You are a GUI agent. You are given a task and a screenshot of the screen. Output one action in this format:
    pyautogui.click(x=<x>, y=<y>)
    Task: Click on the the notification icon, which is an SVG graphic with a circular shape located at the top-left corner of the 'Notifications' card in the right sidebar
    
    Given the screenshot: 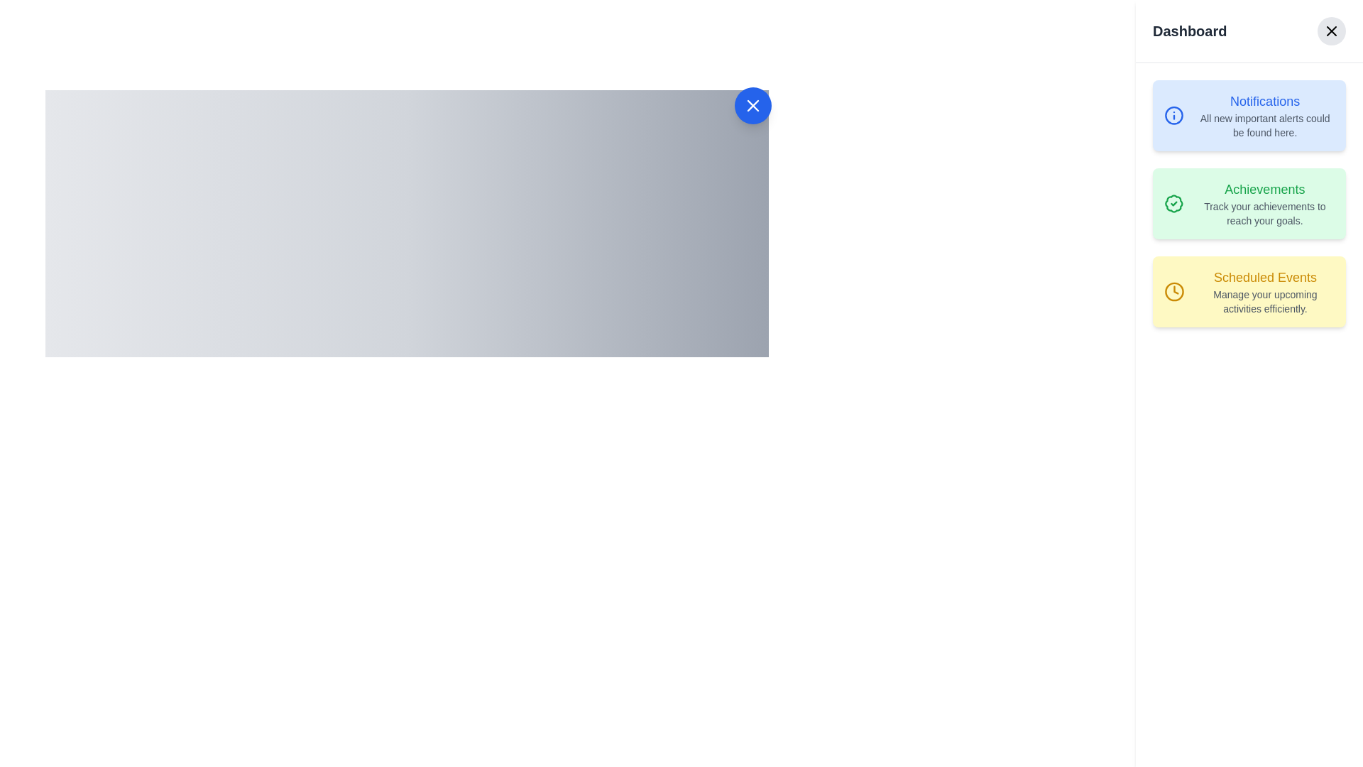 What is the action you would take?
    pyautogui.click(x=1174, y=114)
    